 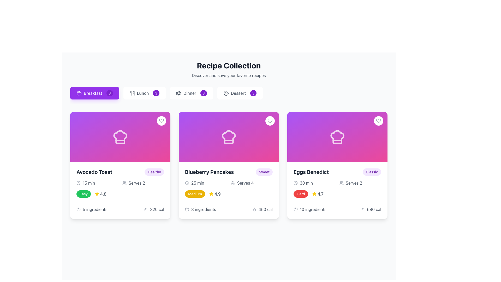 I want to click on the decorative graphic element featuring a gradient background from purple to pink with a chef's hat icon, located in the 'Avocado Toast' card under 'Recipe Collection.', so click(x=120, y=137).